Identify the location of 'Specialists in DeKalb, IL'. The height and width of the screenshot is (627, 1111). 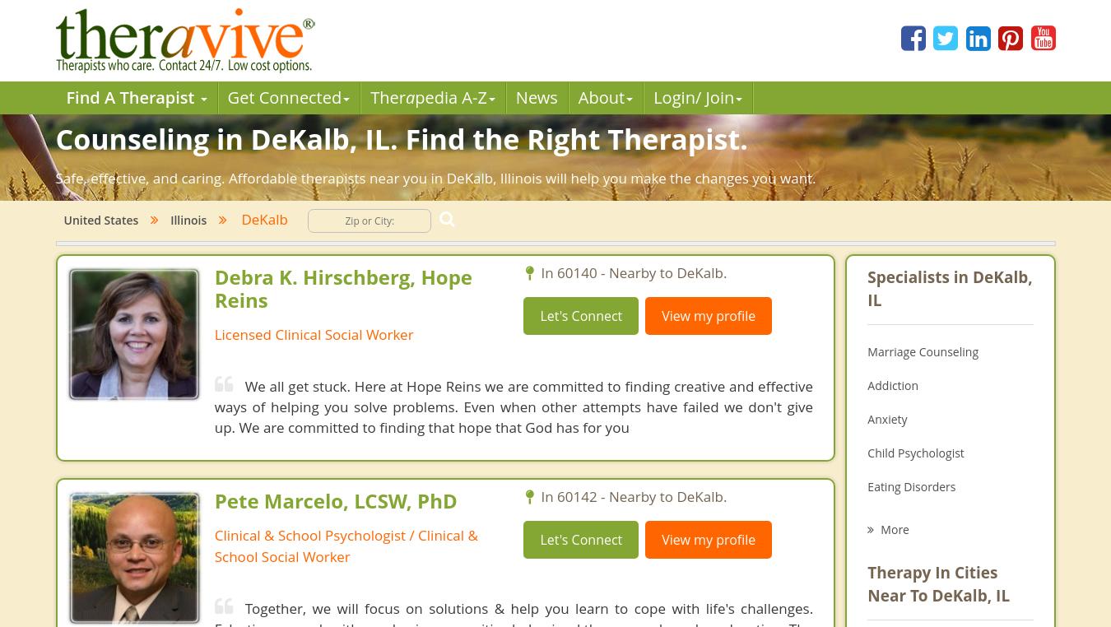
(948, 288).